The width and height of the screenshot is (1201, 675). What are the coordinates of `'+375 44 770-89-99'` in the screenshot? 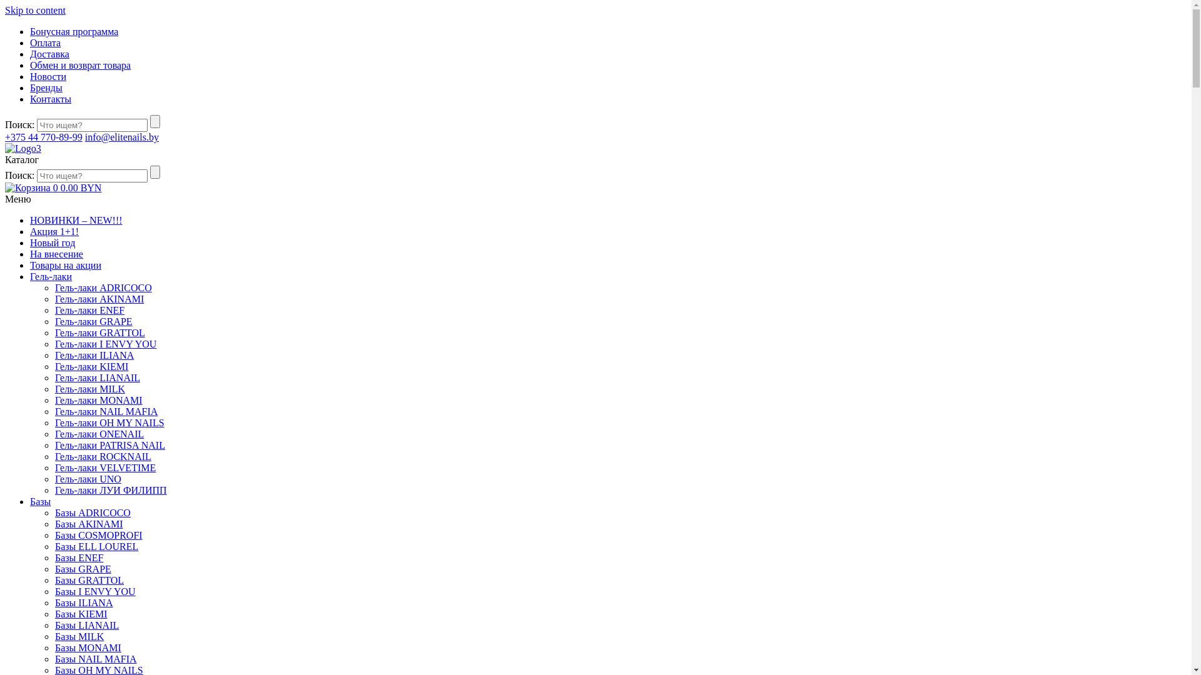 It's located at (5, 137).